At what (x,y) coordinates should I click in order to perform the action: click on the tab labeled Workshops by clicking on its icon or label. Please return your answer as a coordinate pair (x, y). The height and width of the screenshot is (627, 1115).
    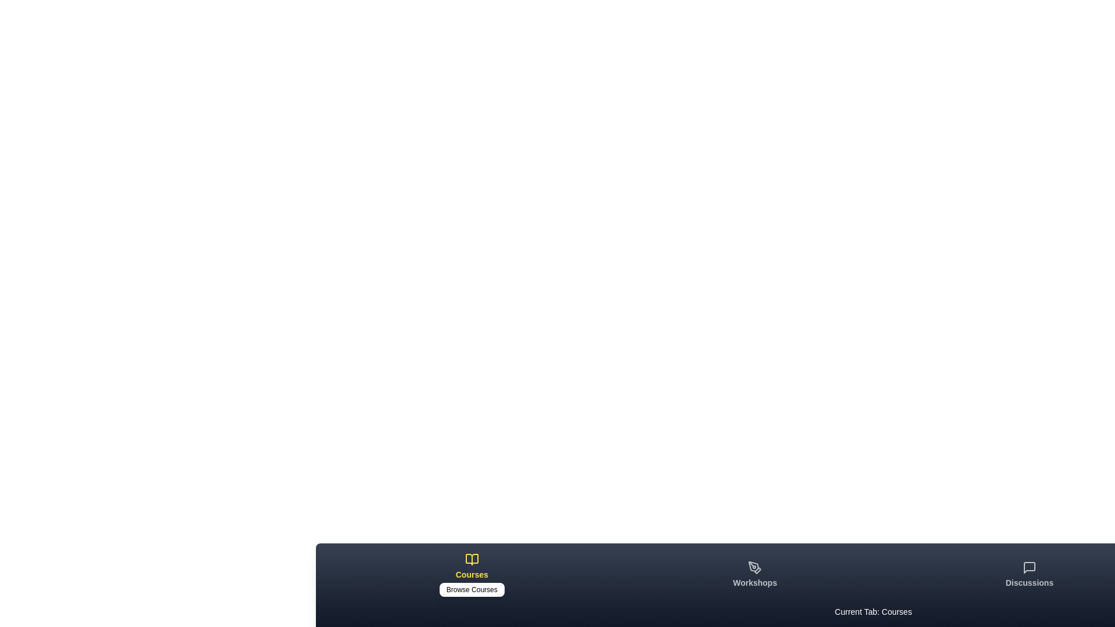
    Looking at the image, I should click on (755, 575).